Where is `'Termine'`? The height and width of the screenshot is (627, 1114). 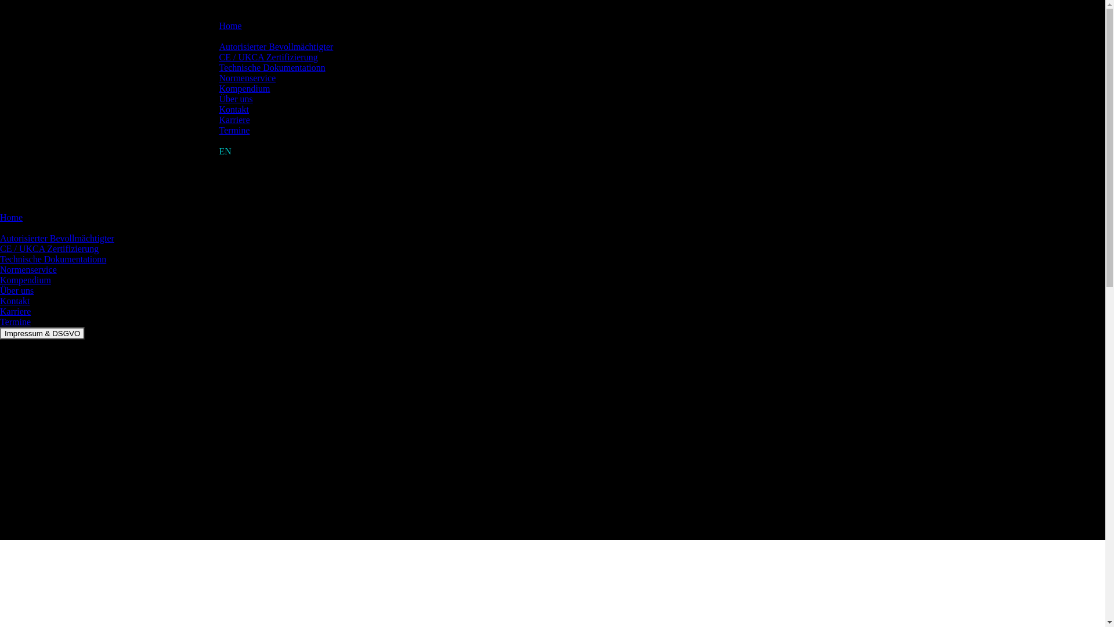
'Termine' is located at coordinates (15, 322).